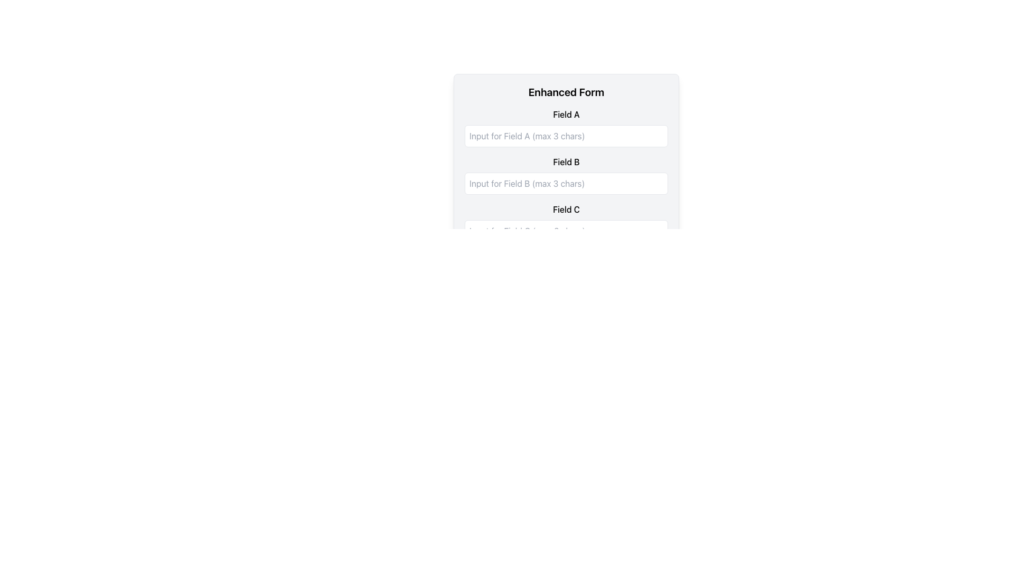 The width and height of the screenshot is (1014, 570). I want to click on the text label displaying 'Field A', which is a bold, medium-sized font located above the input field for Field A, so click(566, 114).